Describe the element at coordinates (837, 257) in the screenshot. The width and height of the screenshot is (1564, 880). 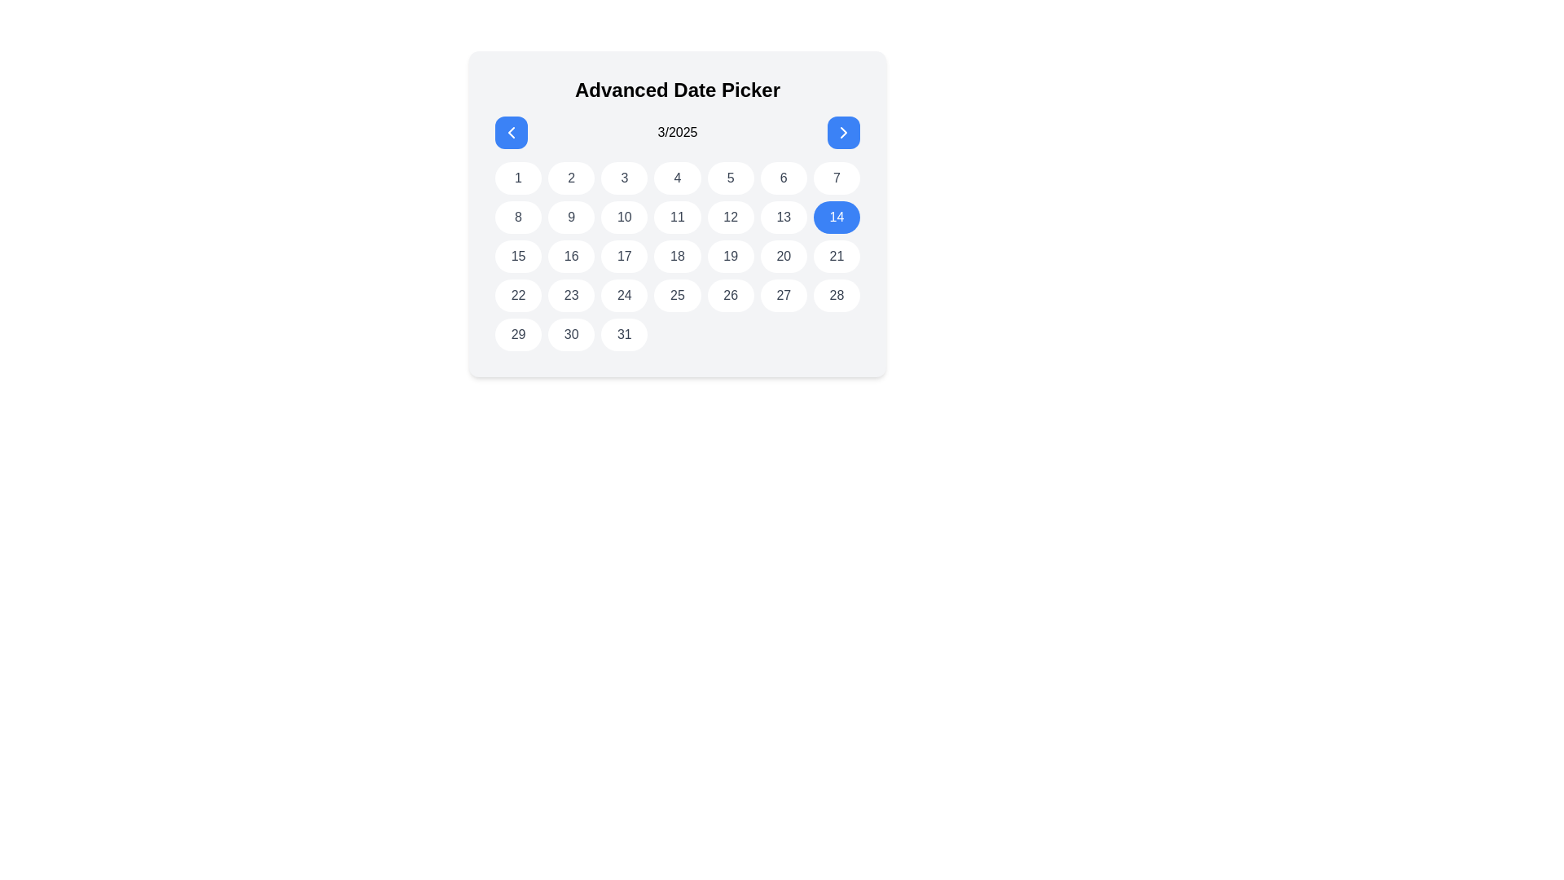
I see `the button labeled '21' in the date picker grid` at that location.